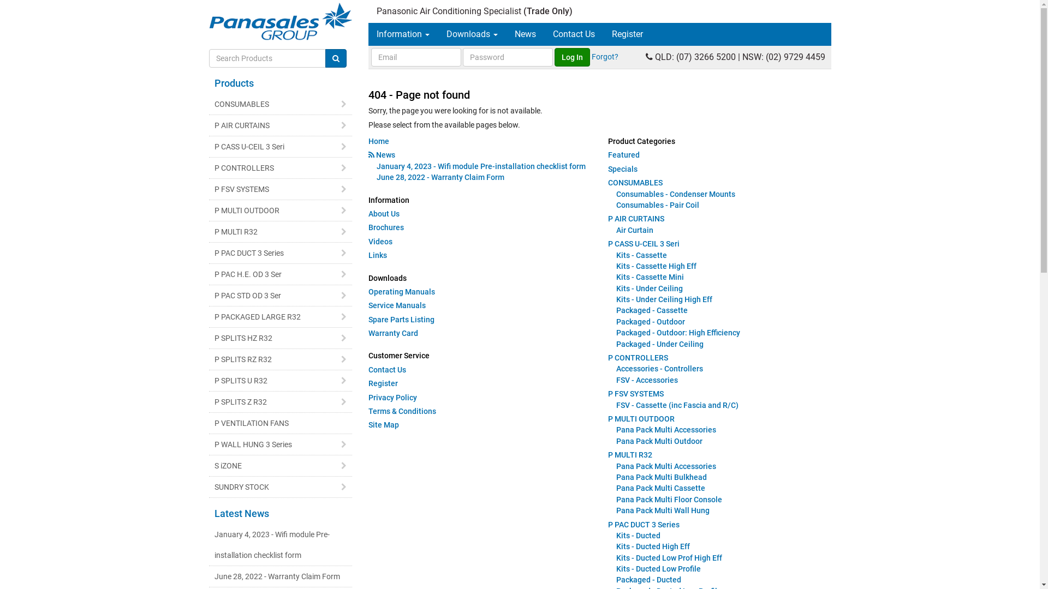 This screenshot has height=589, width=1048. What do you see at coordinates (209, 359) in the screenshot?
I see `'P SPLITS RZ R32'` at bounding box center [209, 359].